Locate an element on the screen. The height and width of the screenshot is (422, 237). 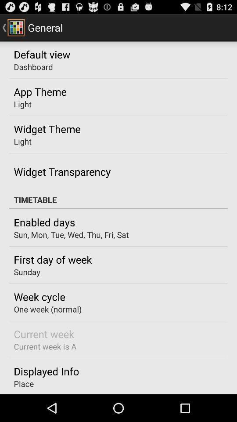
widget theme icon is located at coordinates (47, 128).